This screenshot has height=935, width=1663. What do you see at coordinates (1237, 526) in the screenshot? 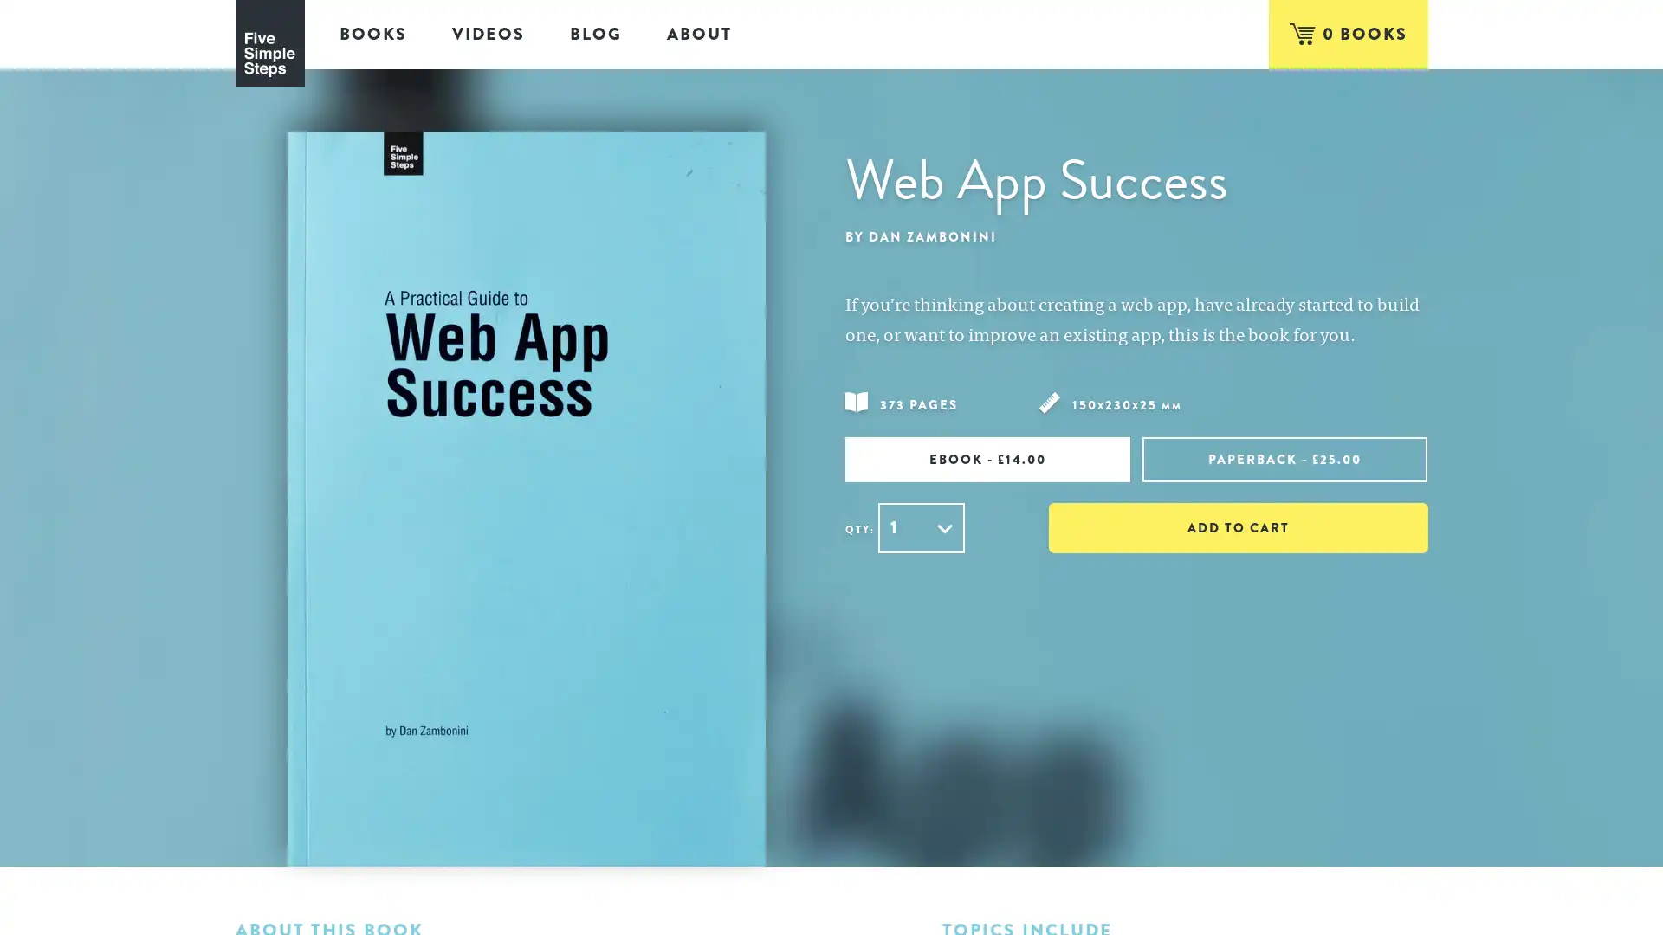
I see `Add to cart` at bounding box center [1237, 526].